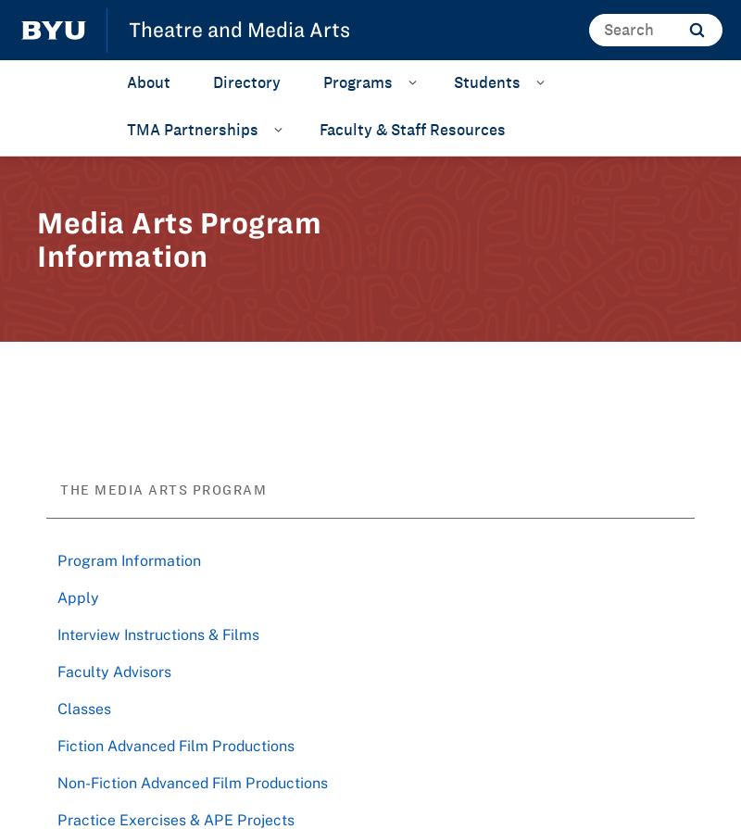 This screenshot has height=829, width=741. Describe the element at coordinates (193, 128) in the screenshot. I see `'TMA Partnerships'` at that location.